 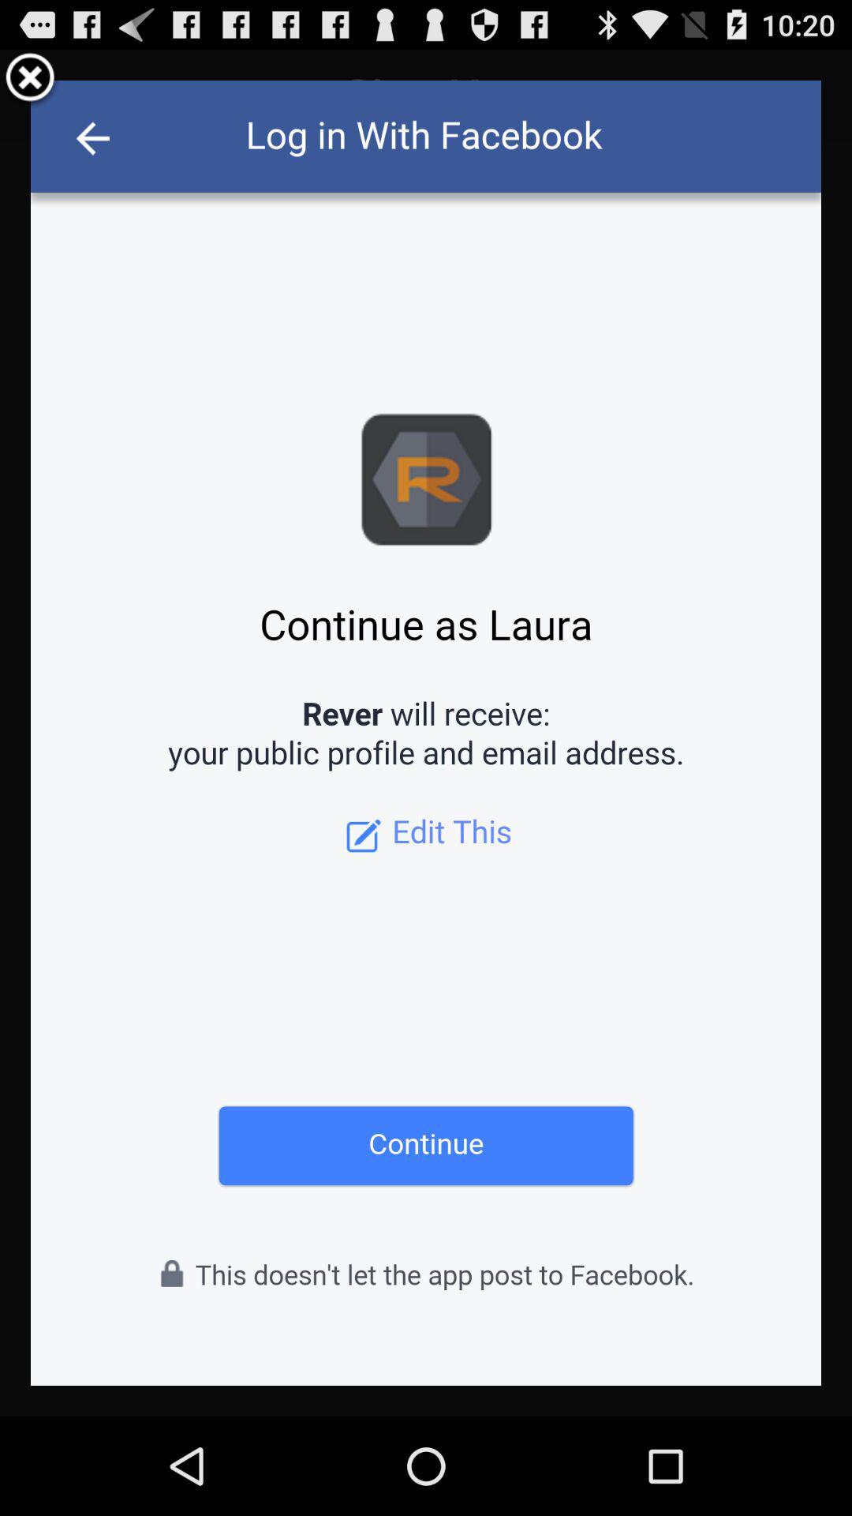 I want to click on to close the current page, so click(x=30, y=79).